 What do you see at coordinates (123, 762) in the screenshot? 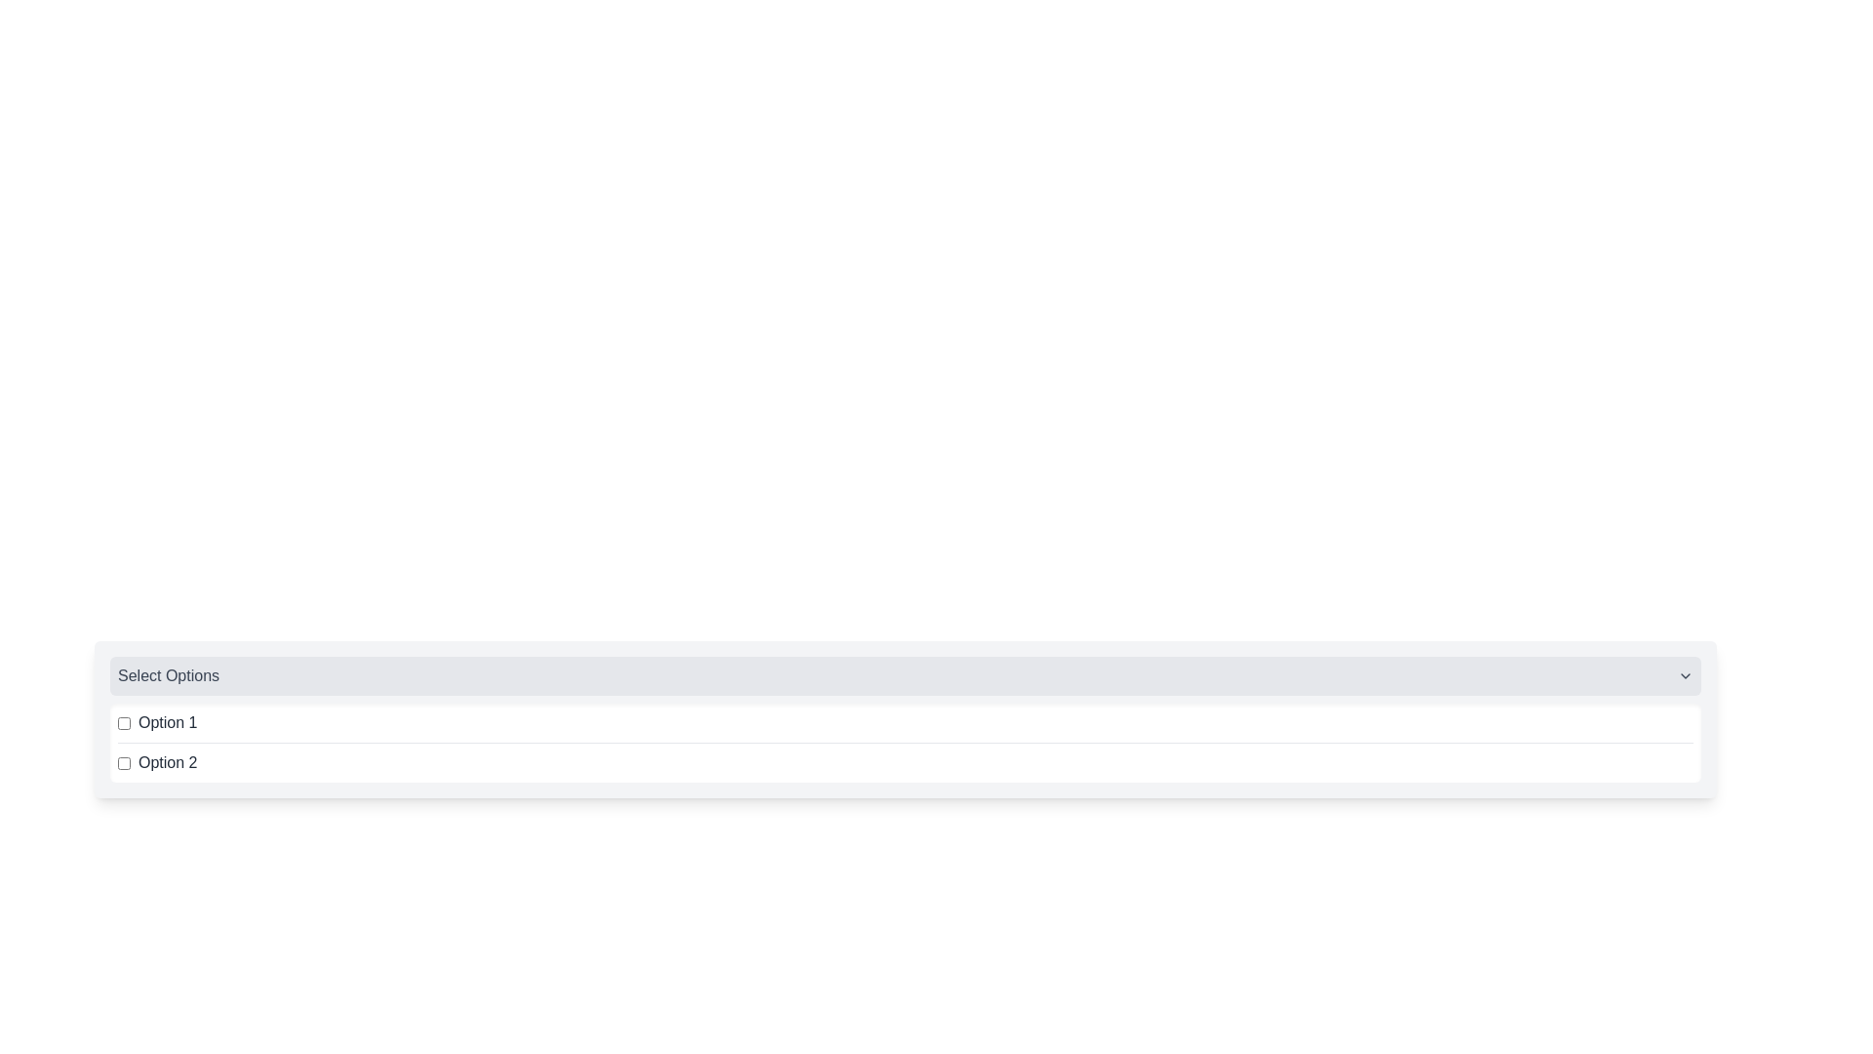
I see `the checkbox located in the 'Select Options' section that is associated with 'Option 2'` at bounding box center [123, 762].